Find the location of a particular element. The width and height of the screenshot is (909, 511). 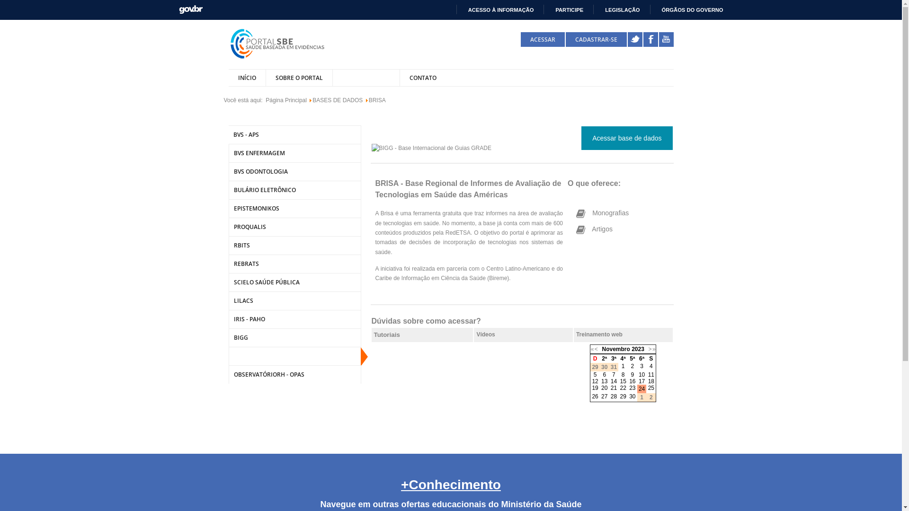

'EPISTEMONIKOS' is located at coordinates (294, 208).